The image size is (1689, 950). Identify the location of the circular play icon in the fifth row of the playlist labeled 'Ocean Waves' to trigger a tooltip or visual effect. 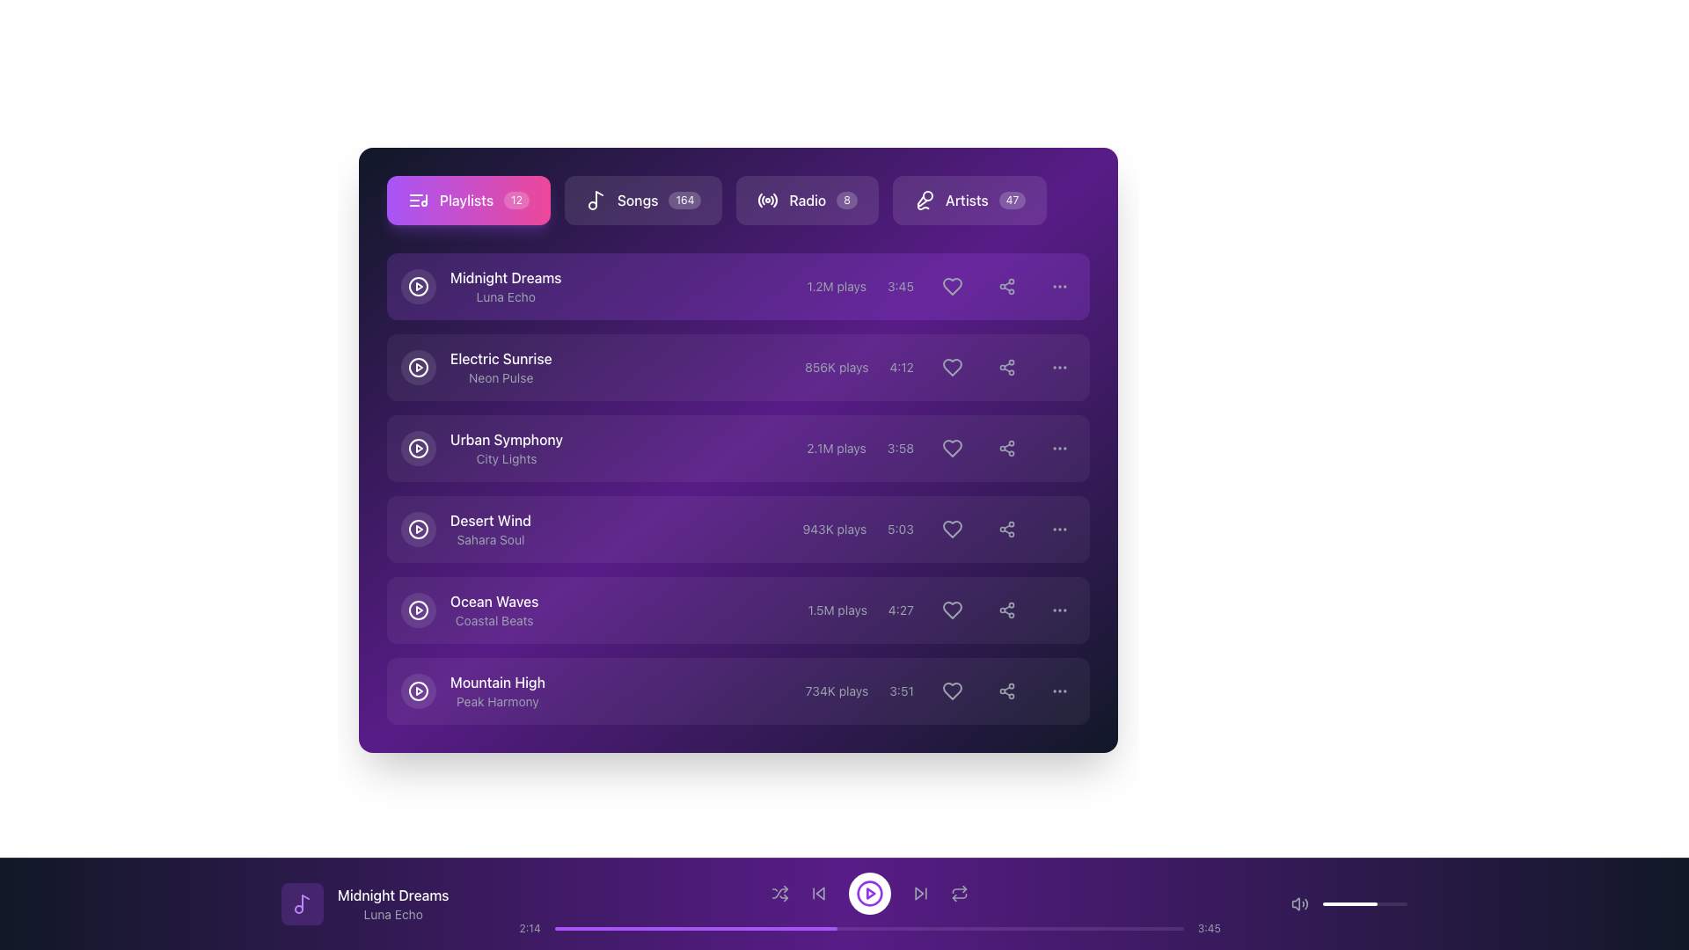
(417, 610).